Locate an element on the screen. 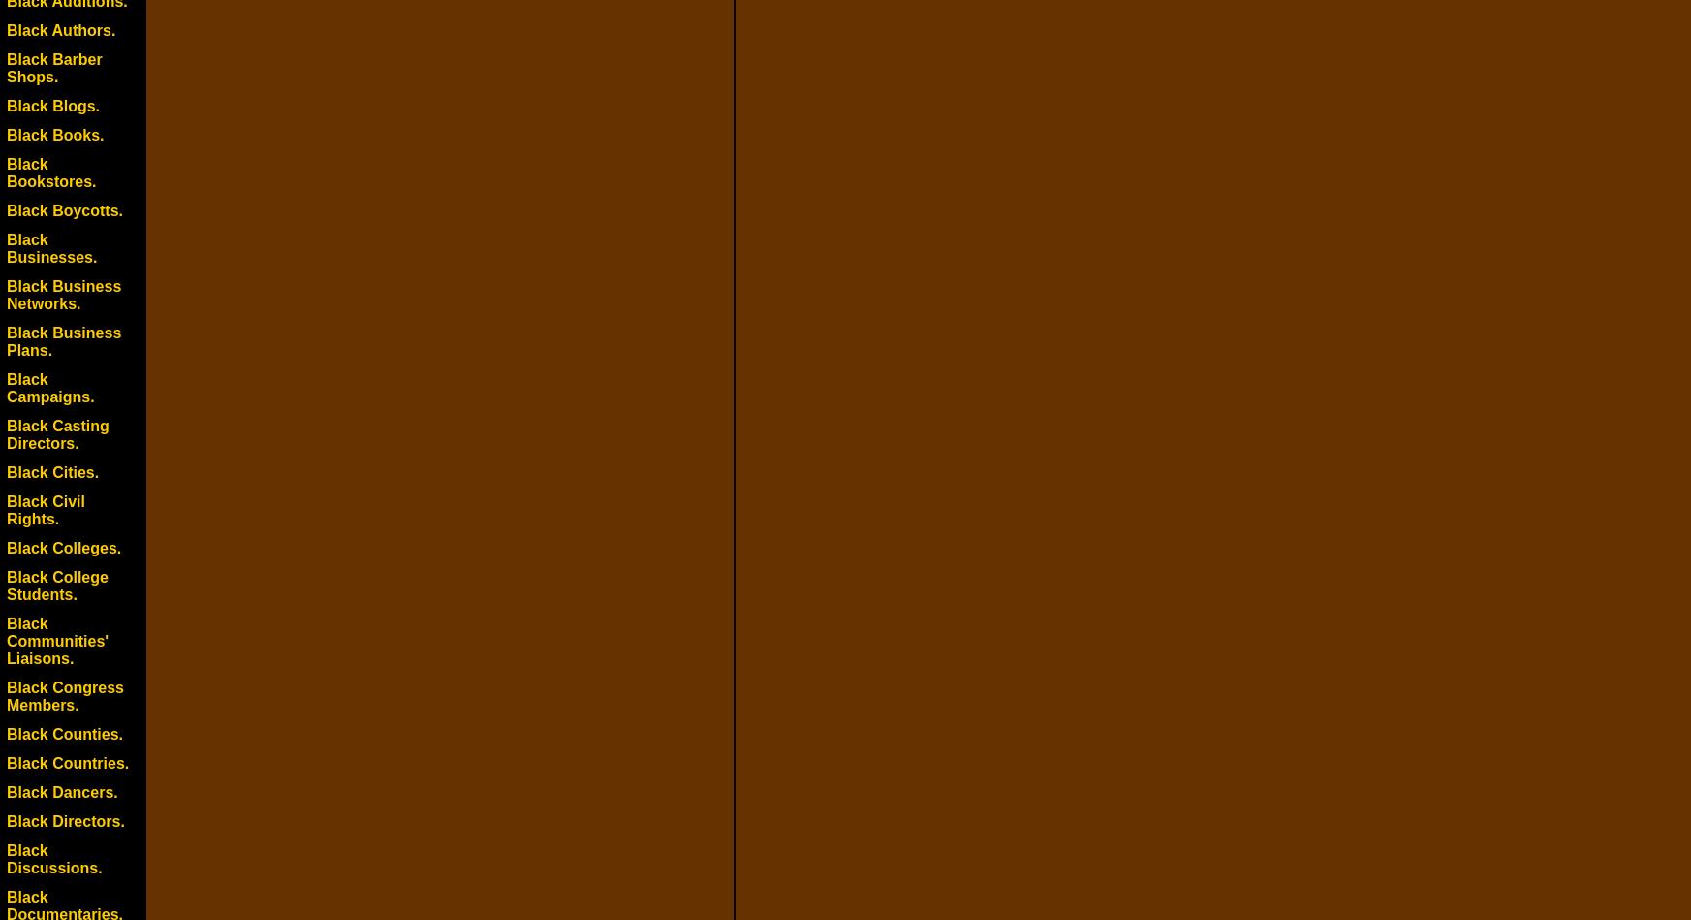 The height and width of the screenshot is (920, 1691). 'Black Authors.' is located at coordinates (59, 30).